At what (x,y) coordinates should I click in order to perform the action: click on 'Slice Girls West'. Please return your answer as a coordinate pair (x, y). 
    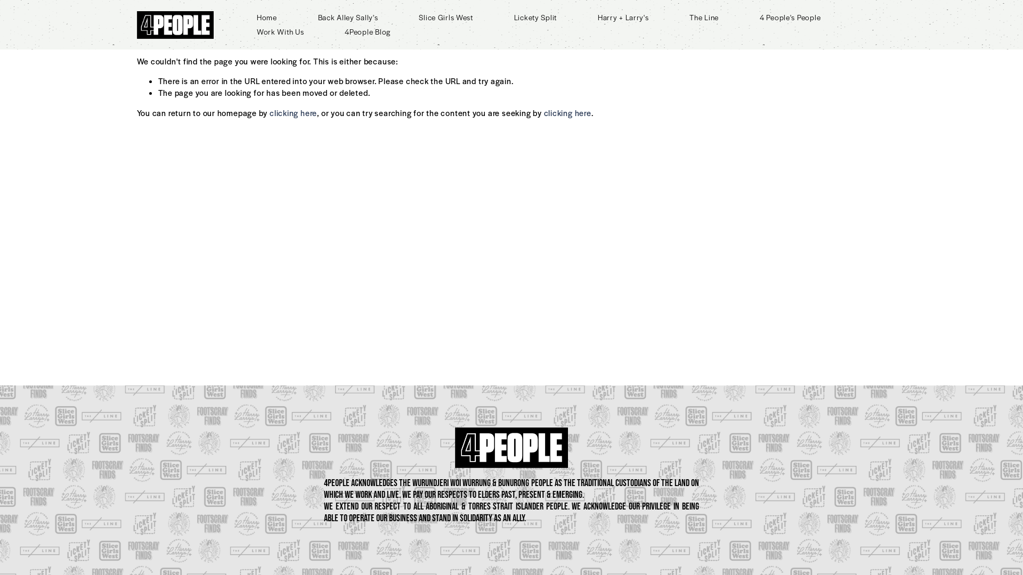
    Looking at the image, I should click on (445, 17).